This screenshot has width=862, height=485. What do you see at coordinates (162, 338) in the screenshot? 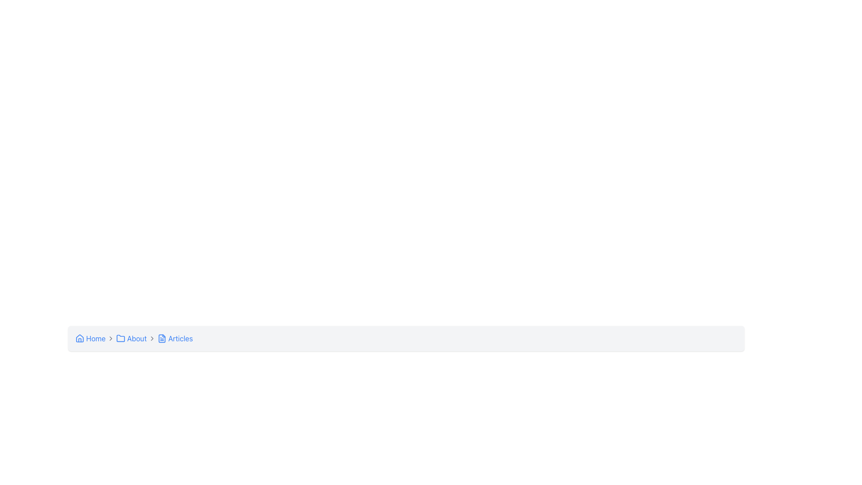
I see `the file icon with a blue outline that precedes the text 'Articles' in the breadcrumb navigation bar` at bounding box center [162, 338].